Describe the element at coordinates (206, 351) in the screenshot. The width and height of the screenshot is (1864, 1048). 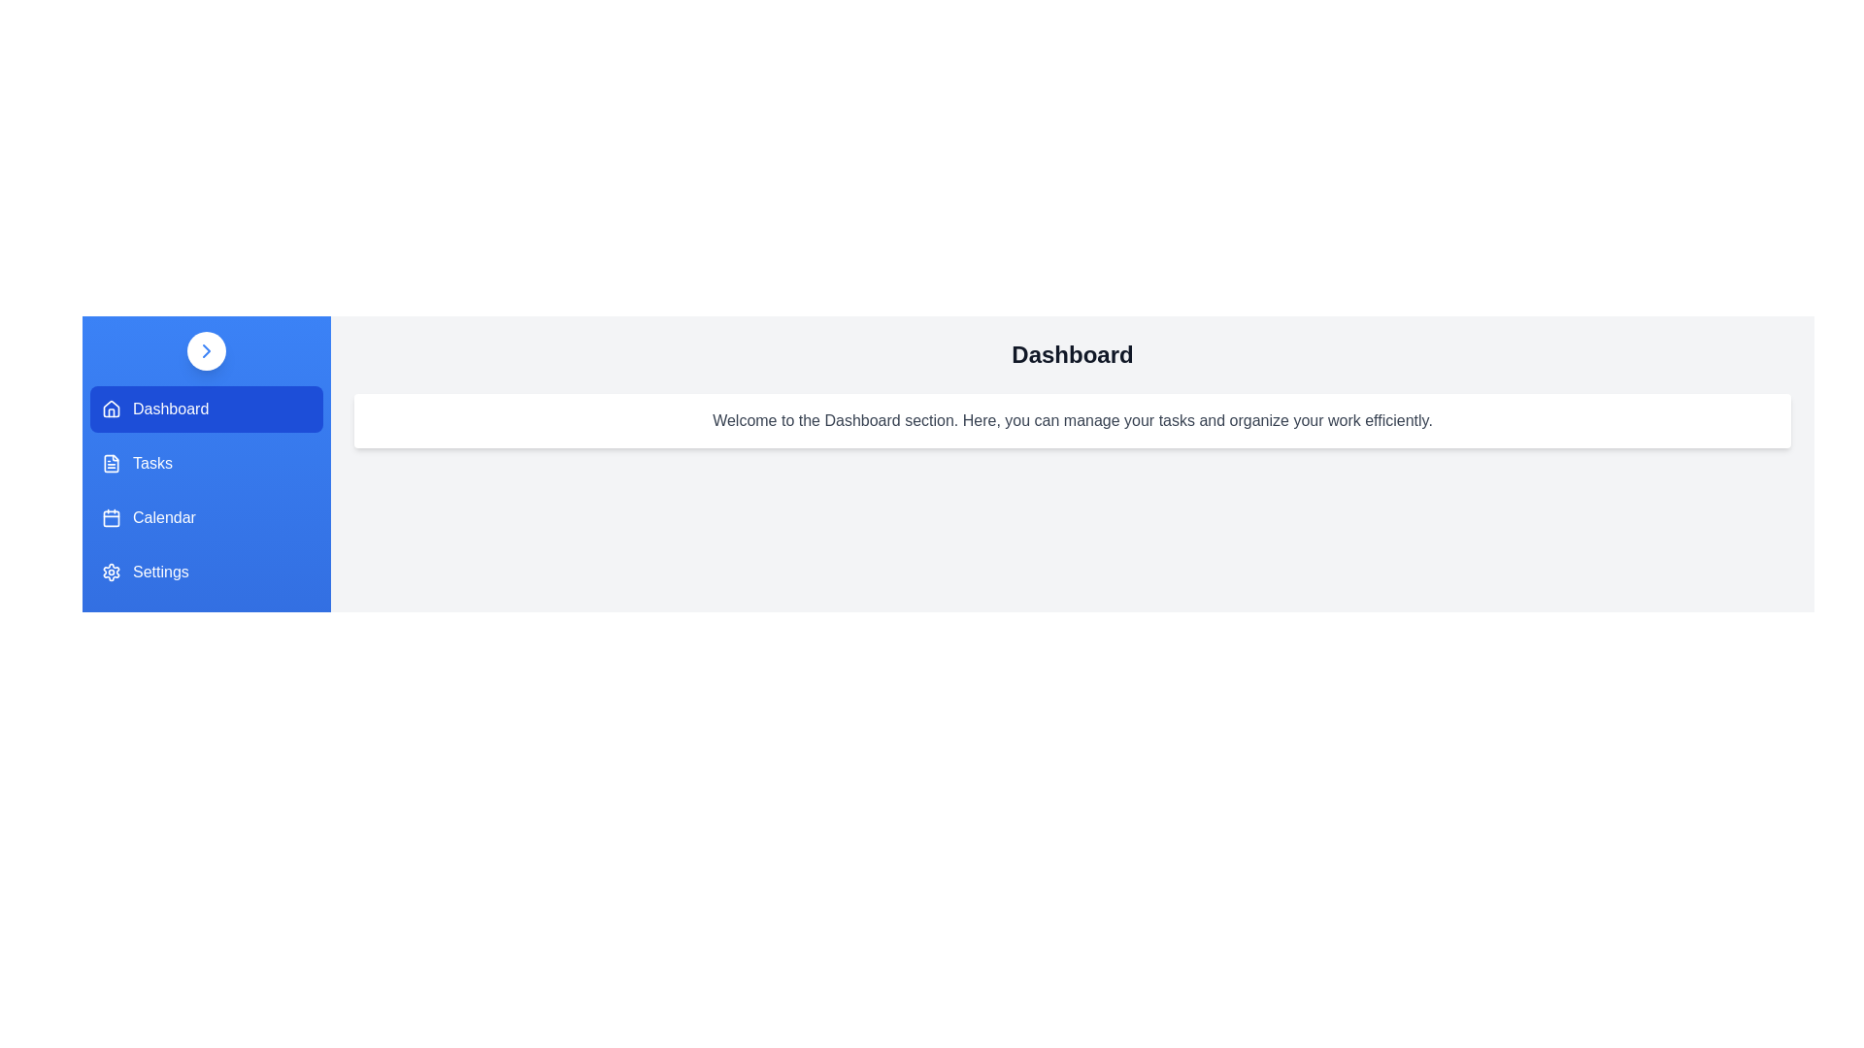
I see `the drawer toggle button to change its state` at that location.